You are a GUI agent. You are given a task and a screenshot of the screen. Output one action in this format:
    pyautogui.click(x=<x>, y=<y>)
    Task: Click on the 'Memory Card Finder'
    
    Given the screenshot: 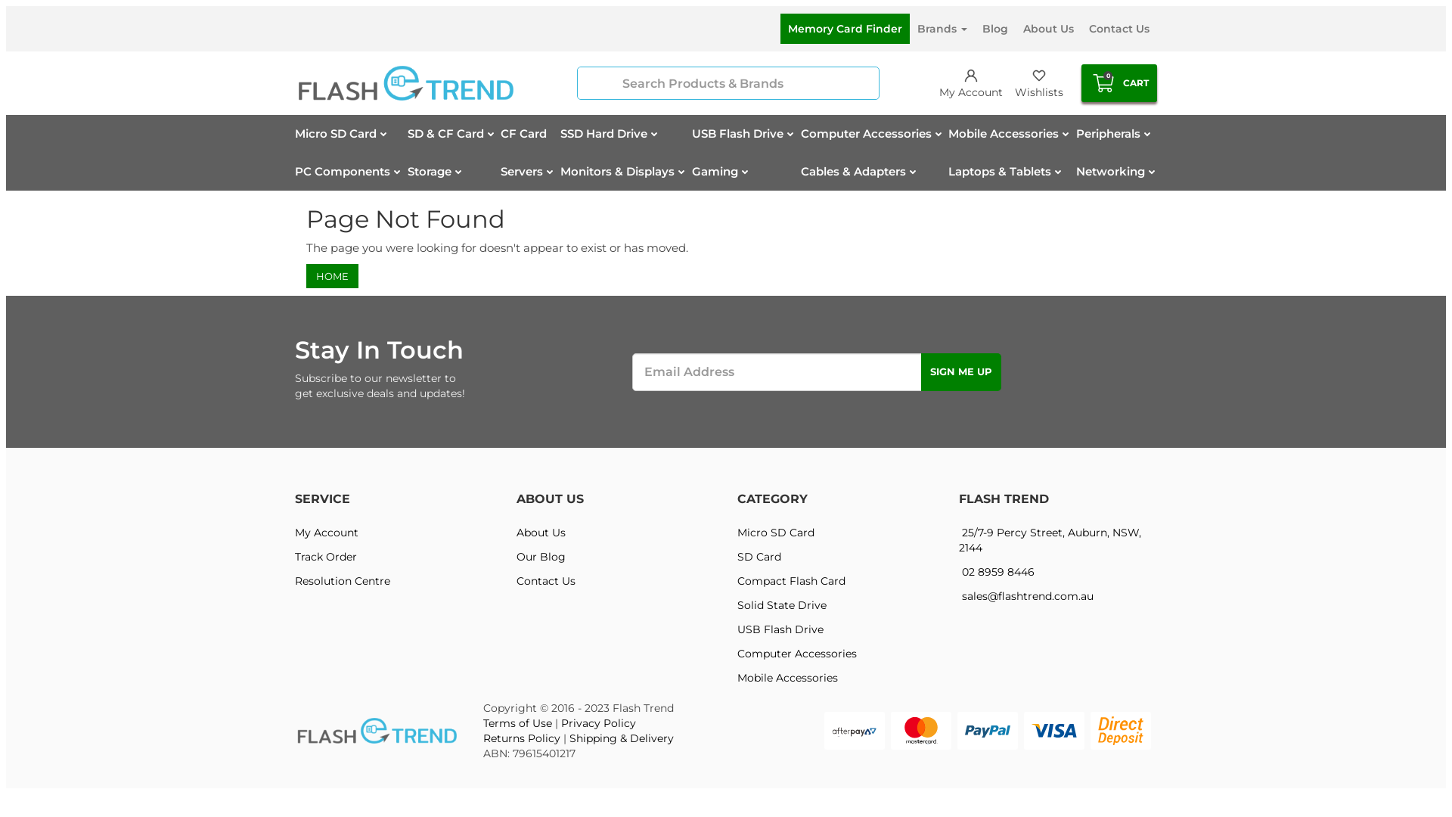 What is the action you would take?
    pyautogui.click(x=844, y=29)
    